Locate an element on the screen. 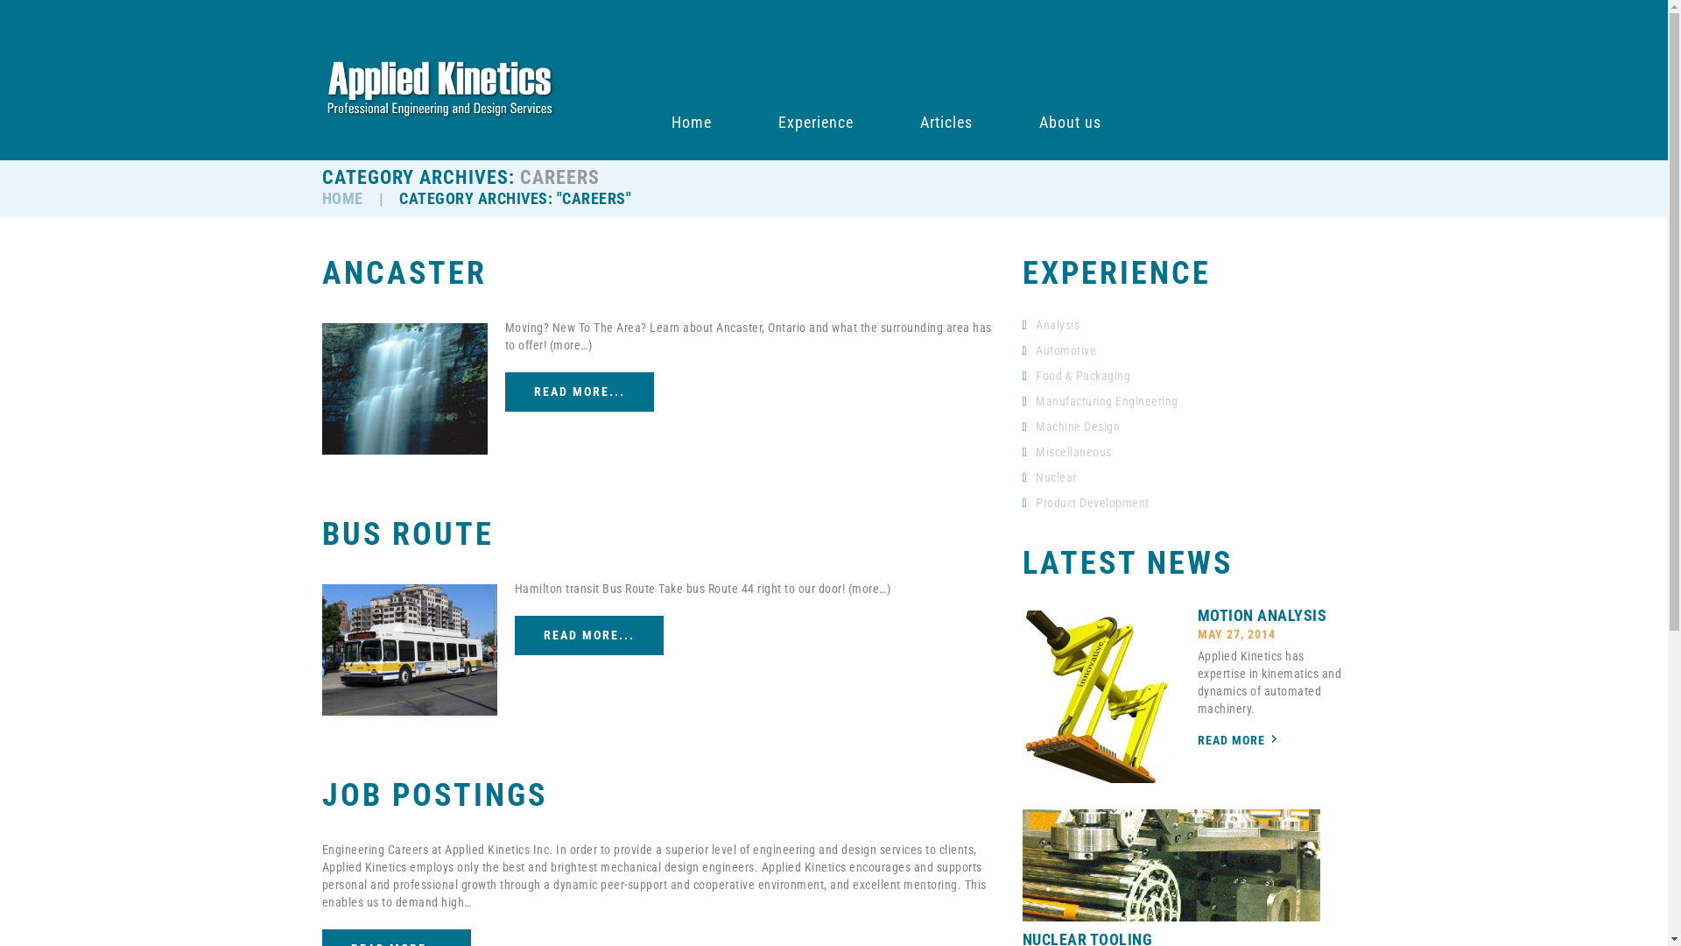 Image resolution: width=1681 pixels, height=946 pixels. 'Product Development' is located at coordinates (1035, 503).